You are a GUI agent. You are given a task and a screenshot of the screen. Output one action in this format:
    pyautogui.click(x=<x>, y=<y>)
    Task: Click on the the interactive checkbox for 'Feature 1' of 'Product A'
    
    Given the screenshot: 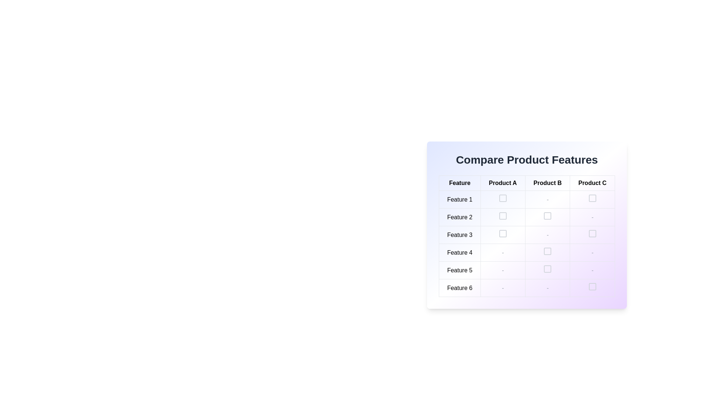 What is the action you would take?
    pyautogui.click(x=502, y=198)
    